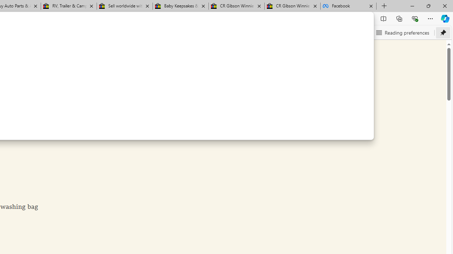  What do you see at coordinates (402, 32) in the screenshot?
I see `'Reading preferences'` at bounding box center [402, 32].